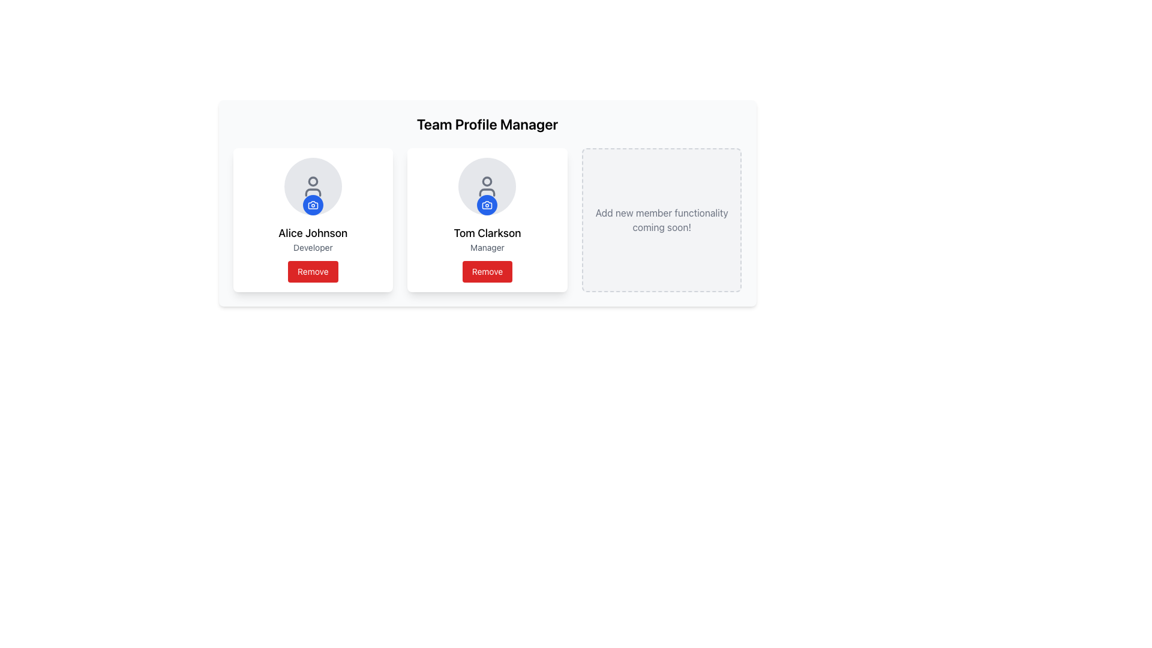 This screenshot has width=1152, height=648. What do you see at coordinates (487, 187) in the screenshot?
I see `the Profile avatar component centered within the profile card titled 'Tom Clarkson', which is located above the 'Remove' button` at bounding box center [487, 187].